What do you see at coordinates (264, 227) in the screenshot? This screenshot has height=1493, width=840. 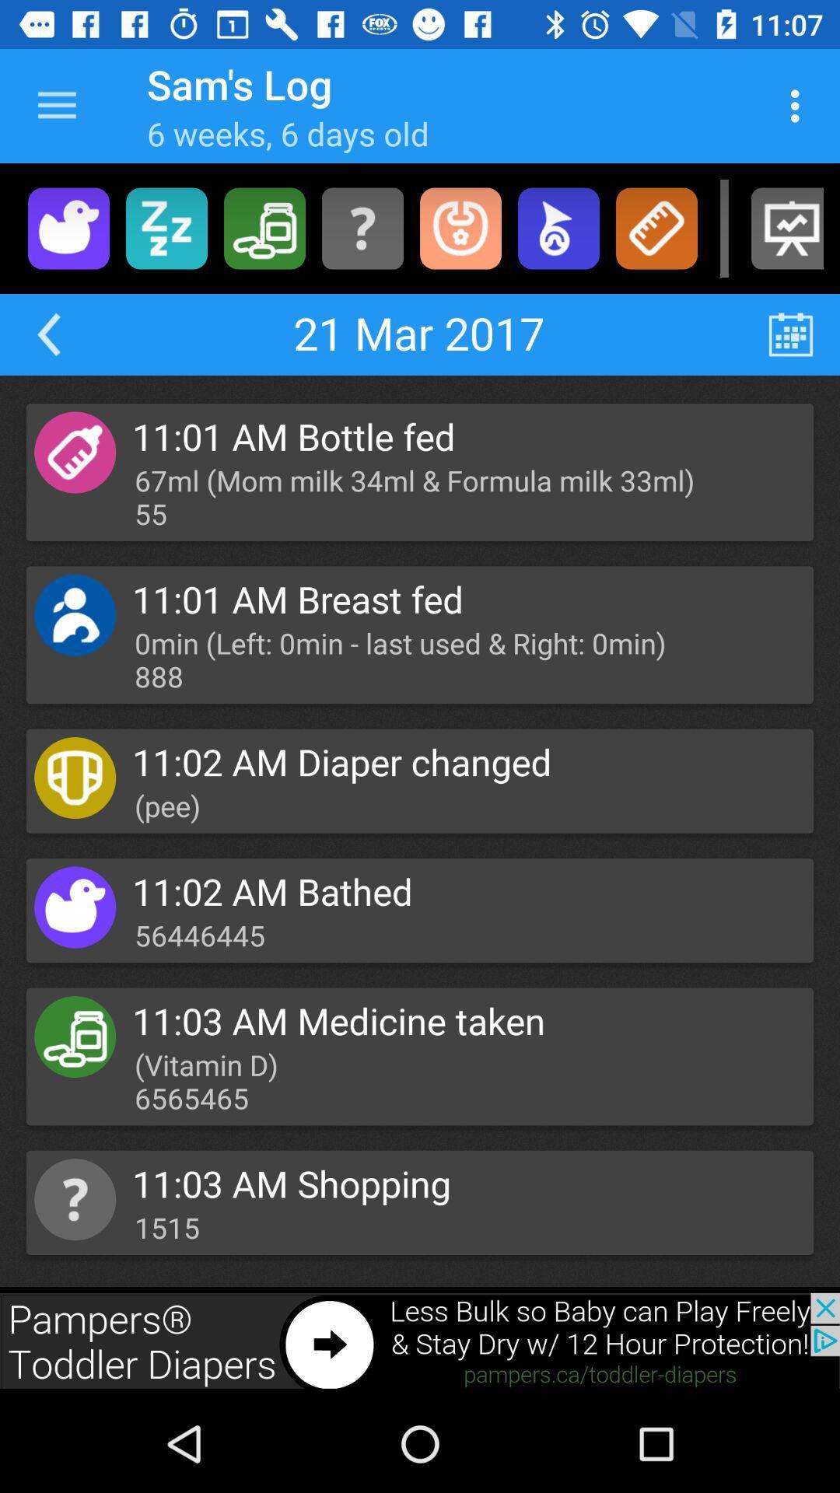 I see `choose pills` at bounding box center [264, 227].